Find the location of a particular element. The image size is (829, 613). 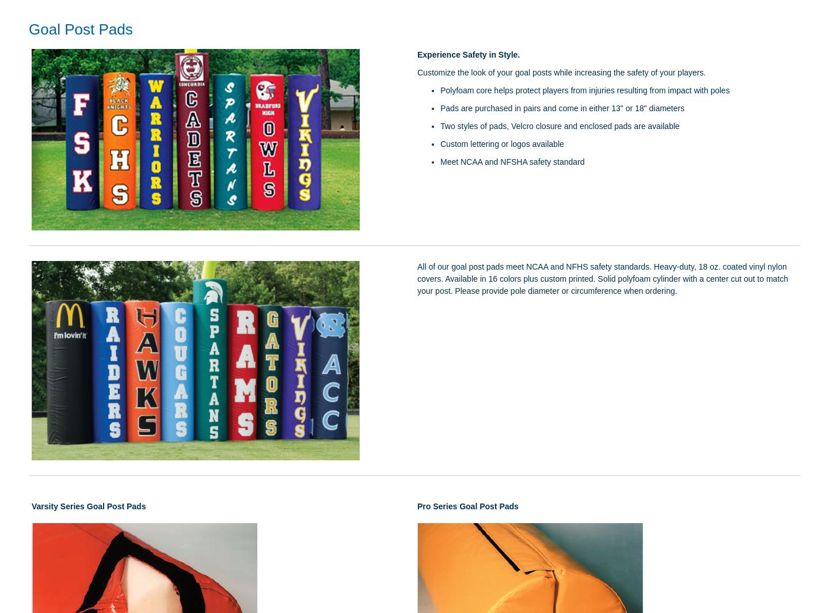

'All of our goal post pads meet NCAA and NFHS safety standards. Heavy-duty, 18 oz. coated vinyl nylon covers. Available in 16 colors plus custom printed. Solid polyfoam cylinder with a center cut out to match your post. Please provide pole diameter or circumference when ordering.' is located at coordinates (603, 279).